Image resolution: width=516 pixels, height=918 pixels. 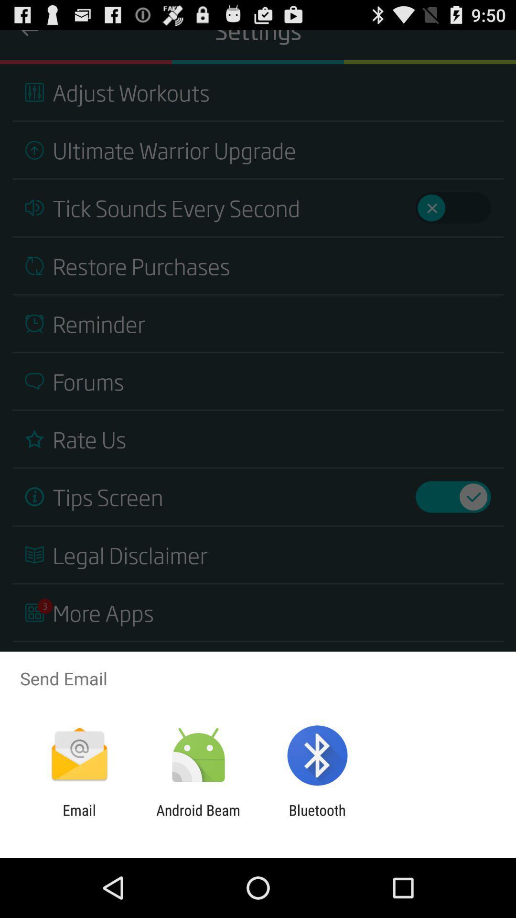 I want to click on icon next to bluetooth app, so click(x=198, y=818).